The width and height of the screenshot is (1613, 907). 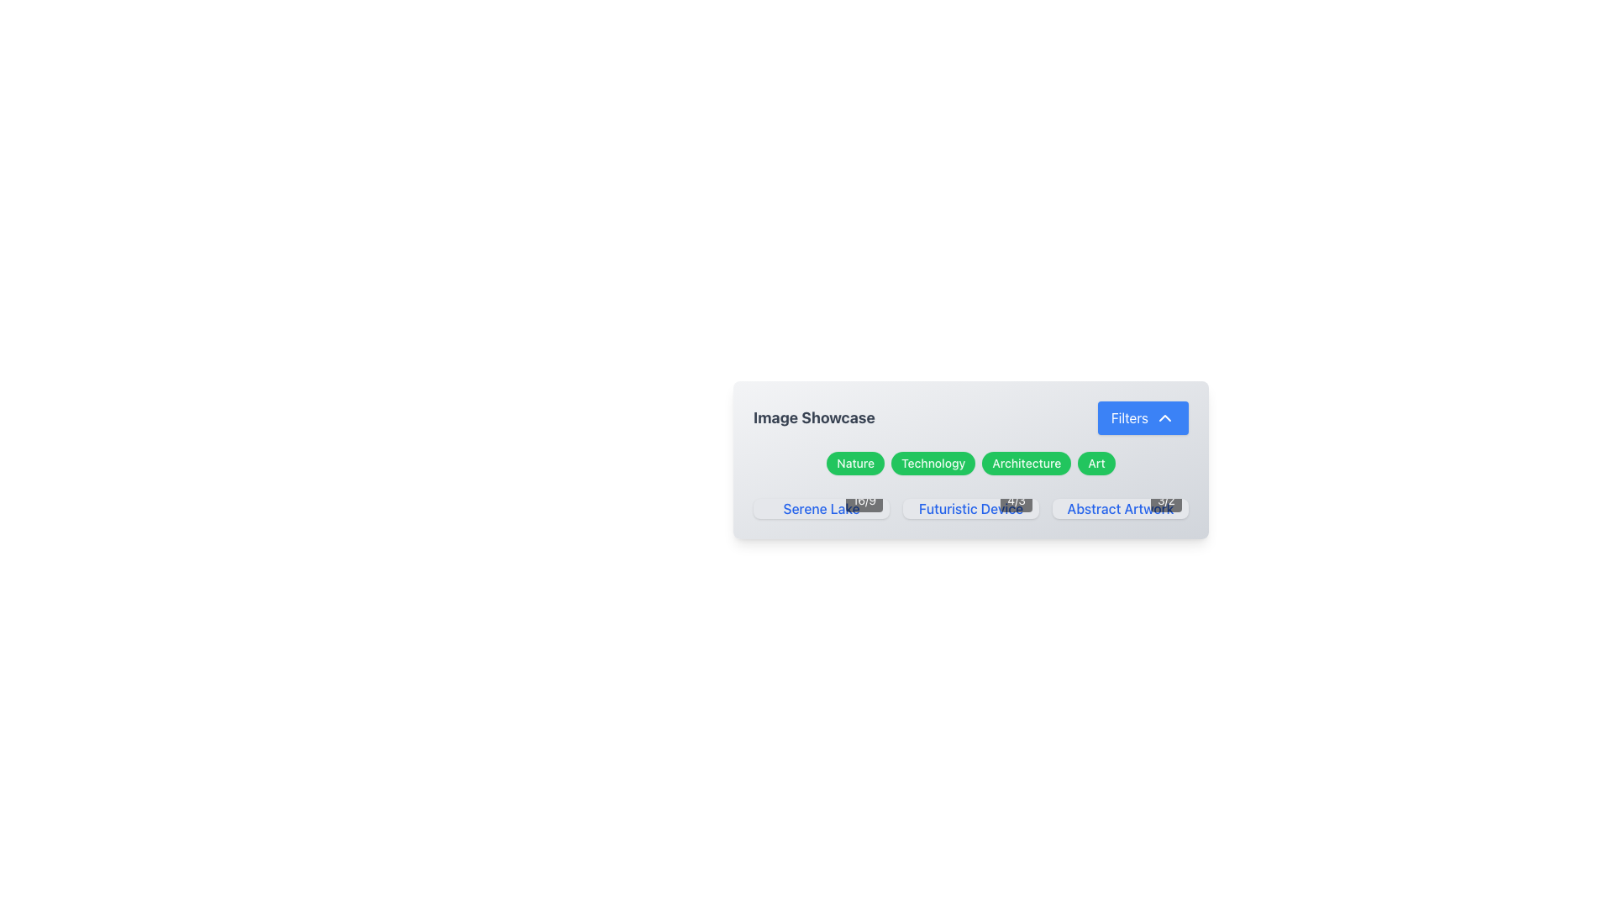 I want to click on the upward-pointing chevron icon styled in a white stroke, which is part of the 'Filters' button, located on the right side of the button text, so click(x=1164, y=417).